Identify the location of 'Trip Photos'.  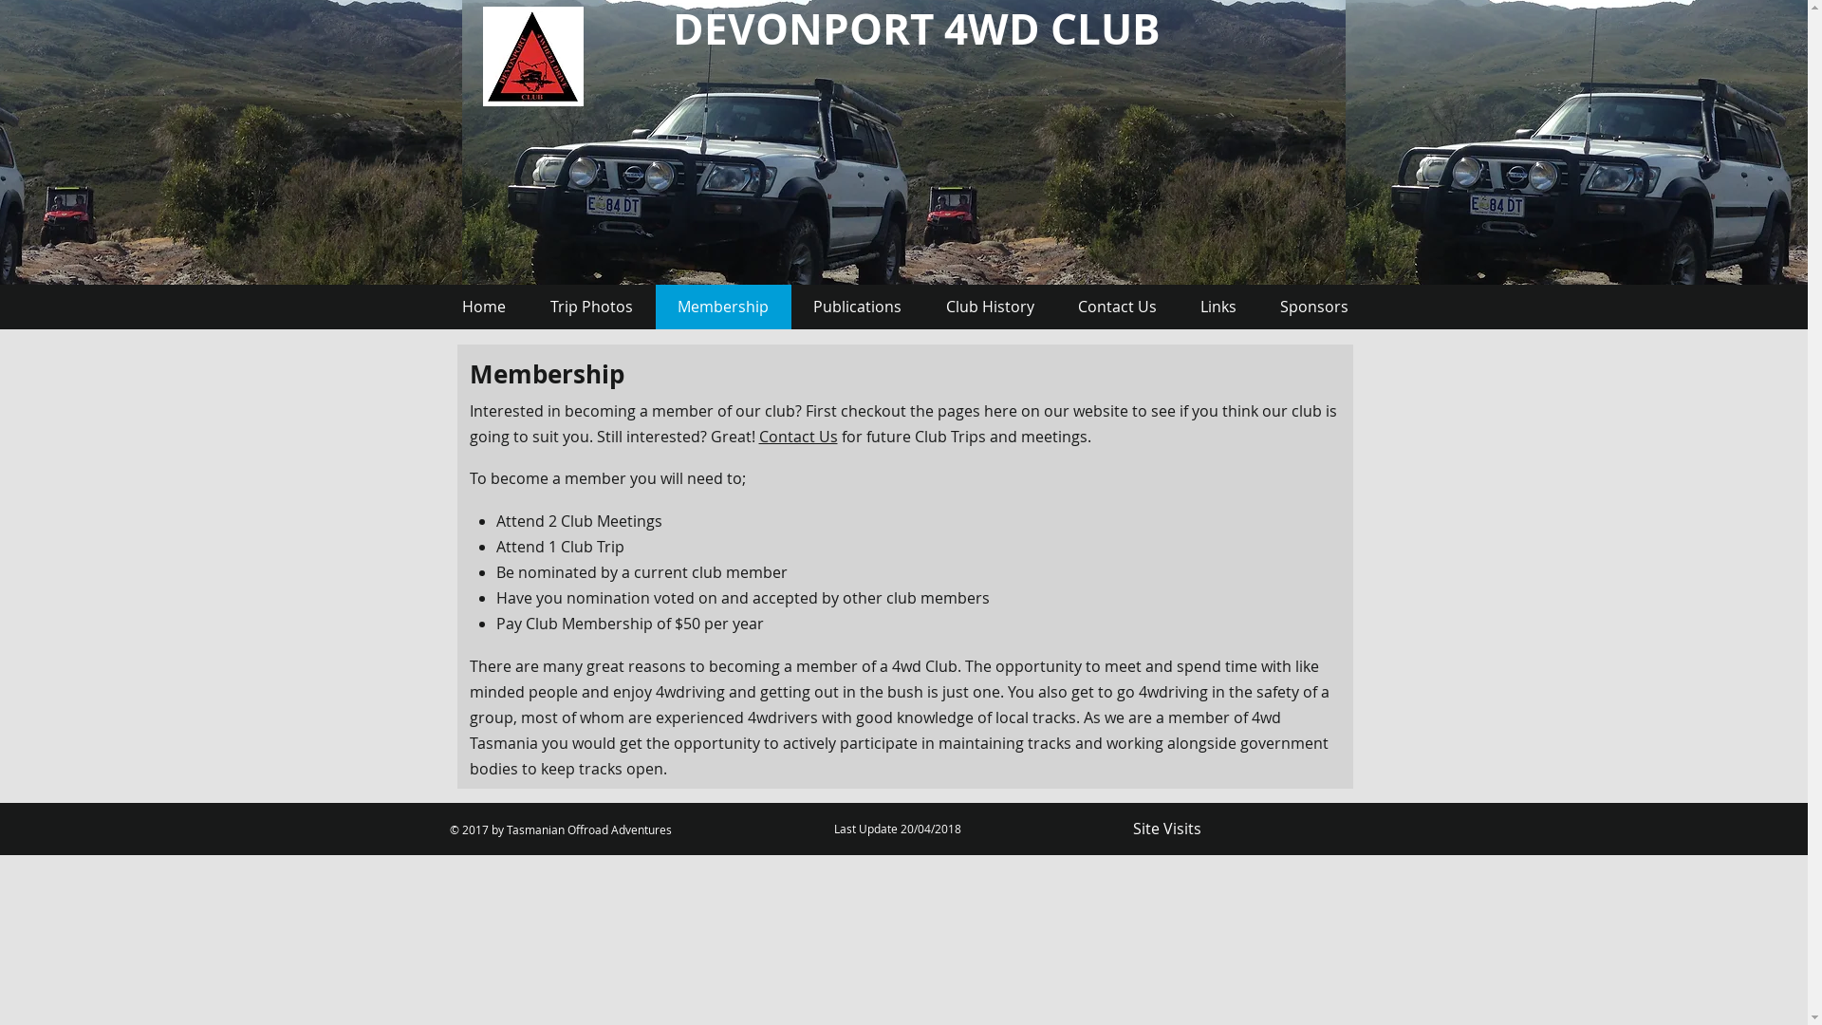
(590, 306).